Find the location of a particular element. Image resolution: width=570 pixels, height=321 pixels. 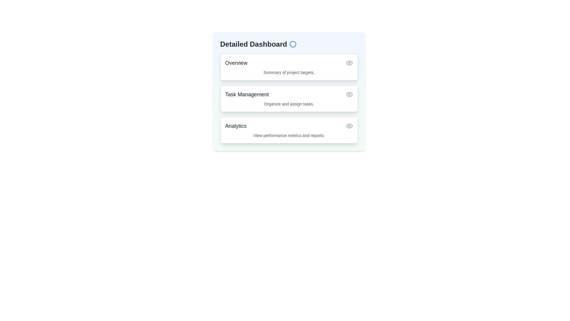

the item Overview to observe its hover effect is located at coordinates (289, 67).